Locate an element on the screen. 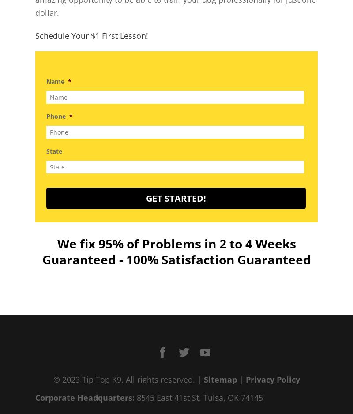 The image size is (353, 414). 'We fix' is located at coordinates (56, 243).